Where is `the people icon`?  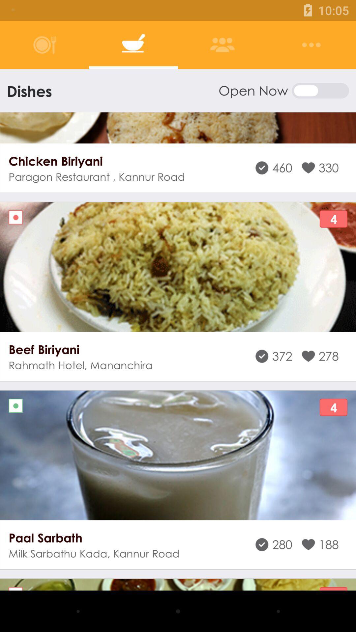 the people icon is located at coordinates (222, 45).